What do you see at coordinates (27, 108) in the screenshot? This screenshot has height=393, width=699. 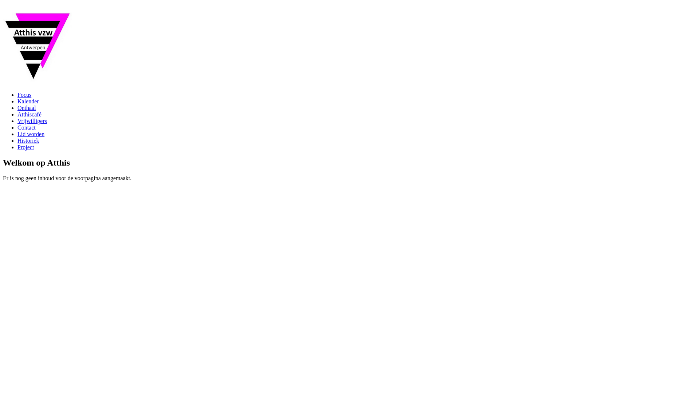 I see `'Onthaal'` at bounding box center [27, 108].